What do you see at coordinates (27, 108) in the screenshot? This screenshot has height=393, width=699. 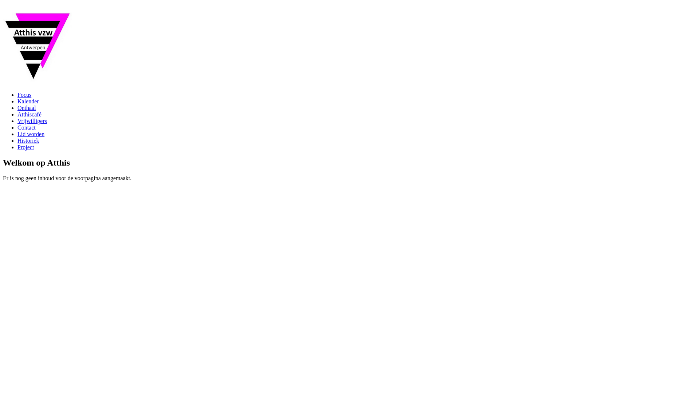 I see `'Onthaal'` at bounding box center [27, 108].